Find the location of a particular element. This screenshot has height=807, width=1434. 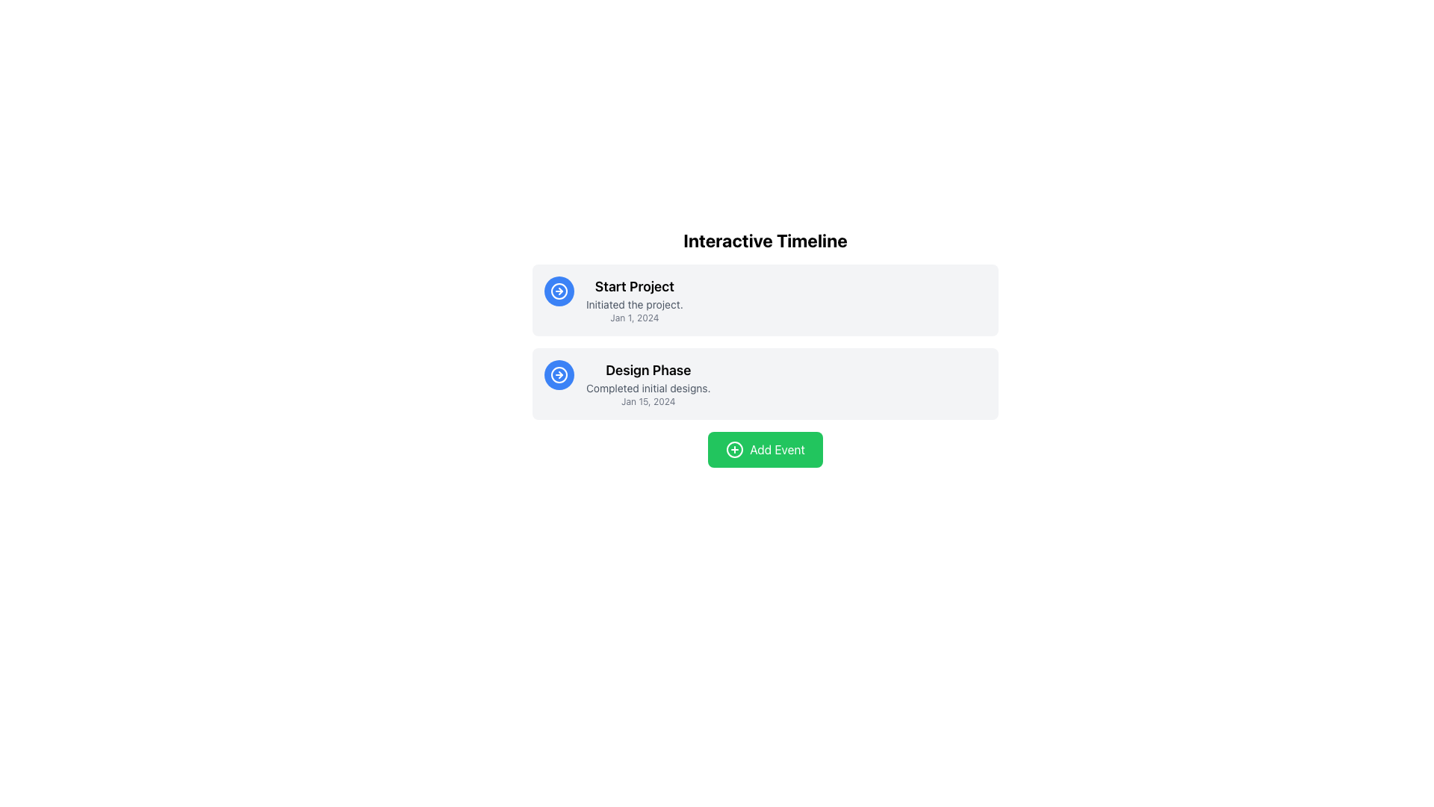

the button located at the bottom of the interface, beneath 'Start Project' and 'Design Phase' is located at coordinates (766, 448).